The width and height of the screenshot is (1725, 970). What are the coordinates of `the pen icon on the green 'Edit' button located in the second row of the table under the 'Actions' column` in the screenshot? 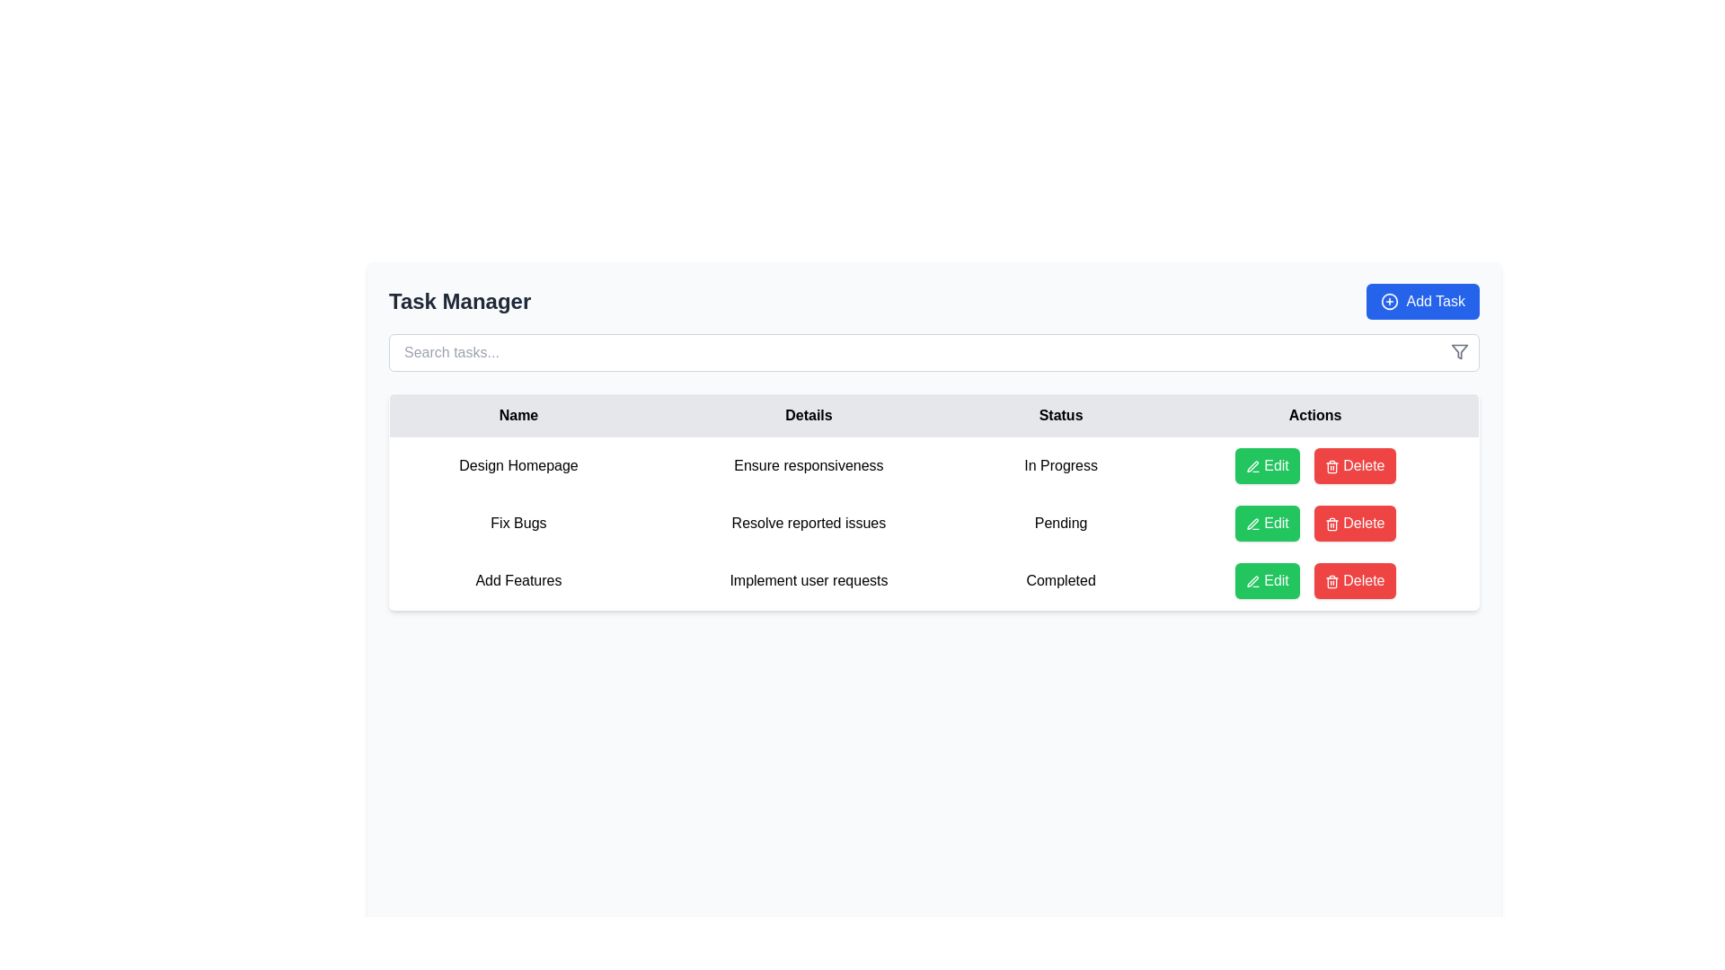 It's located at (1252, 524).